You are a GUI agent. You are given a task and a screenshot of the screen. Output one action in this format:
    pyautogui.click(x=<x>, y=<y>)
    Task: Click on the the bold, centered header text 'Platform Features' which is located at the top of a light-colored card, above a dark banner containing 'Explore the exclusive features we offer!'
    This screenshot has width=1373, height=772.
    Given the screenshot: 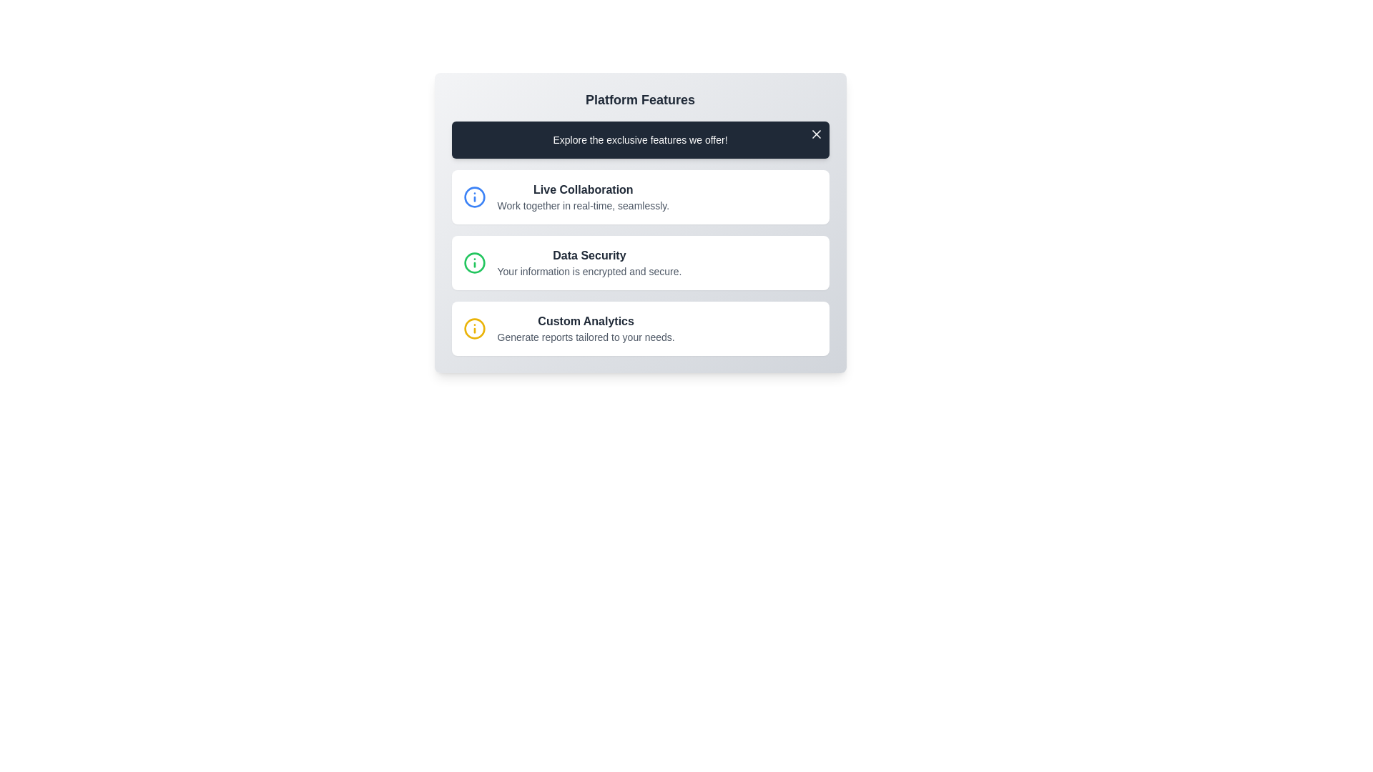 What is the action you would take?
    pyautogui.click(x=639, y=99)
    